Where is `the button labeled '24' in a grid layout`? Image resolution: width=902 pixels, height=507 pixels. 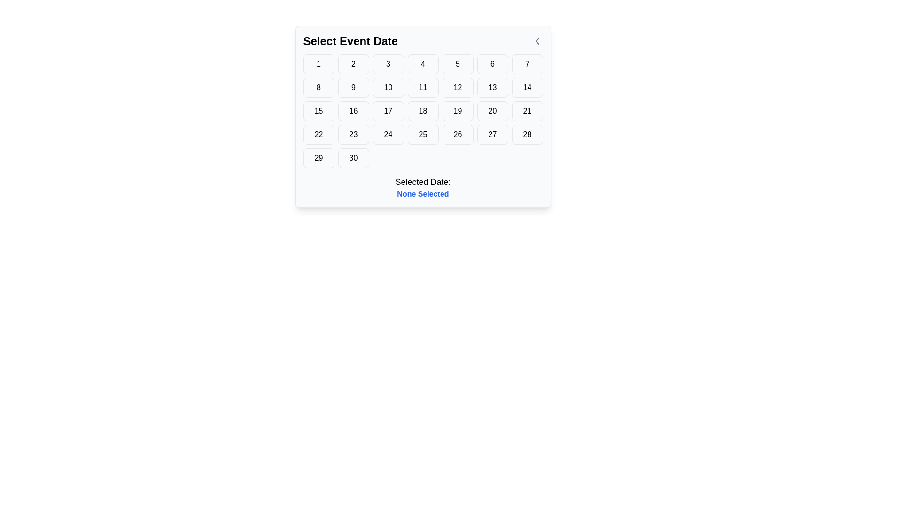 the button labeled '24' in a grid layout is located at coordinates (388, 134).